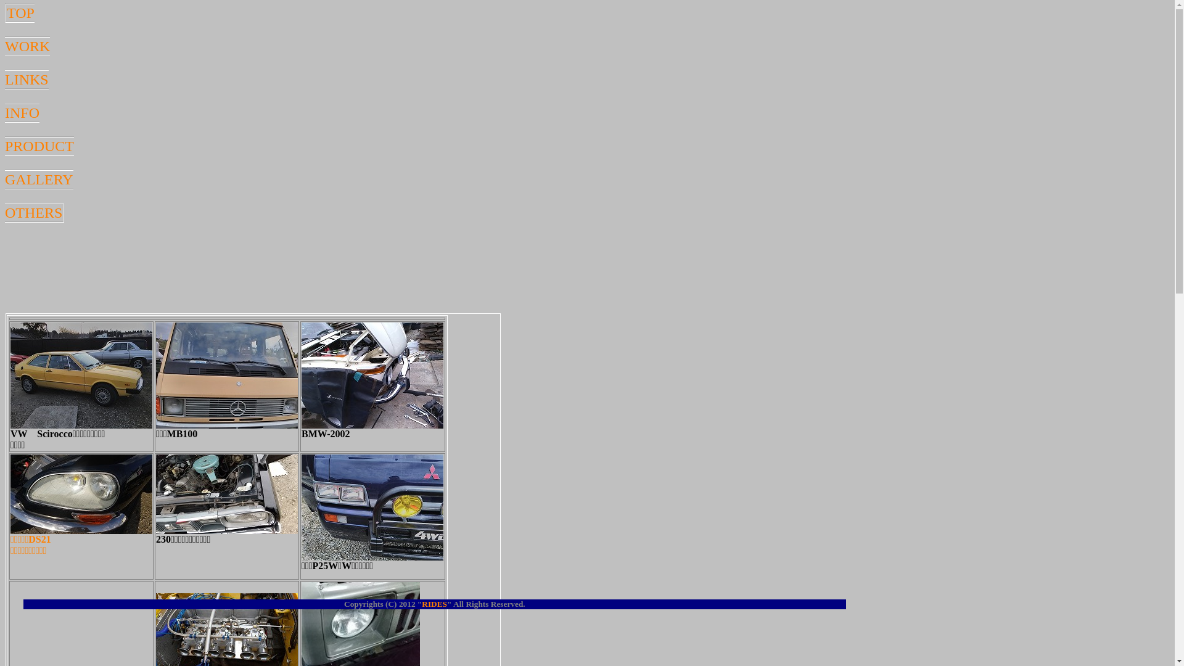 This screenshot has width=1184, height=666. What do you see at coordinates (33, 212) in the screenshot?
I see `'OTHERS'` at bounding box center [33, 212].